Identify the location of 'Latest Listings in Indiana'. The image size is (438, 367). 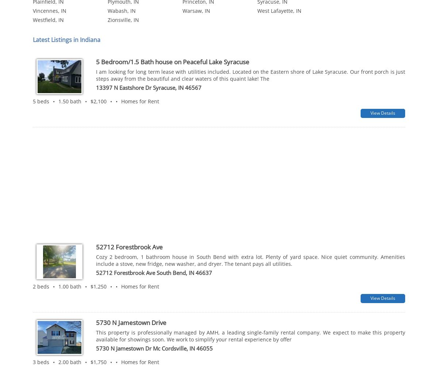
(66, 40).